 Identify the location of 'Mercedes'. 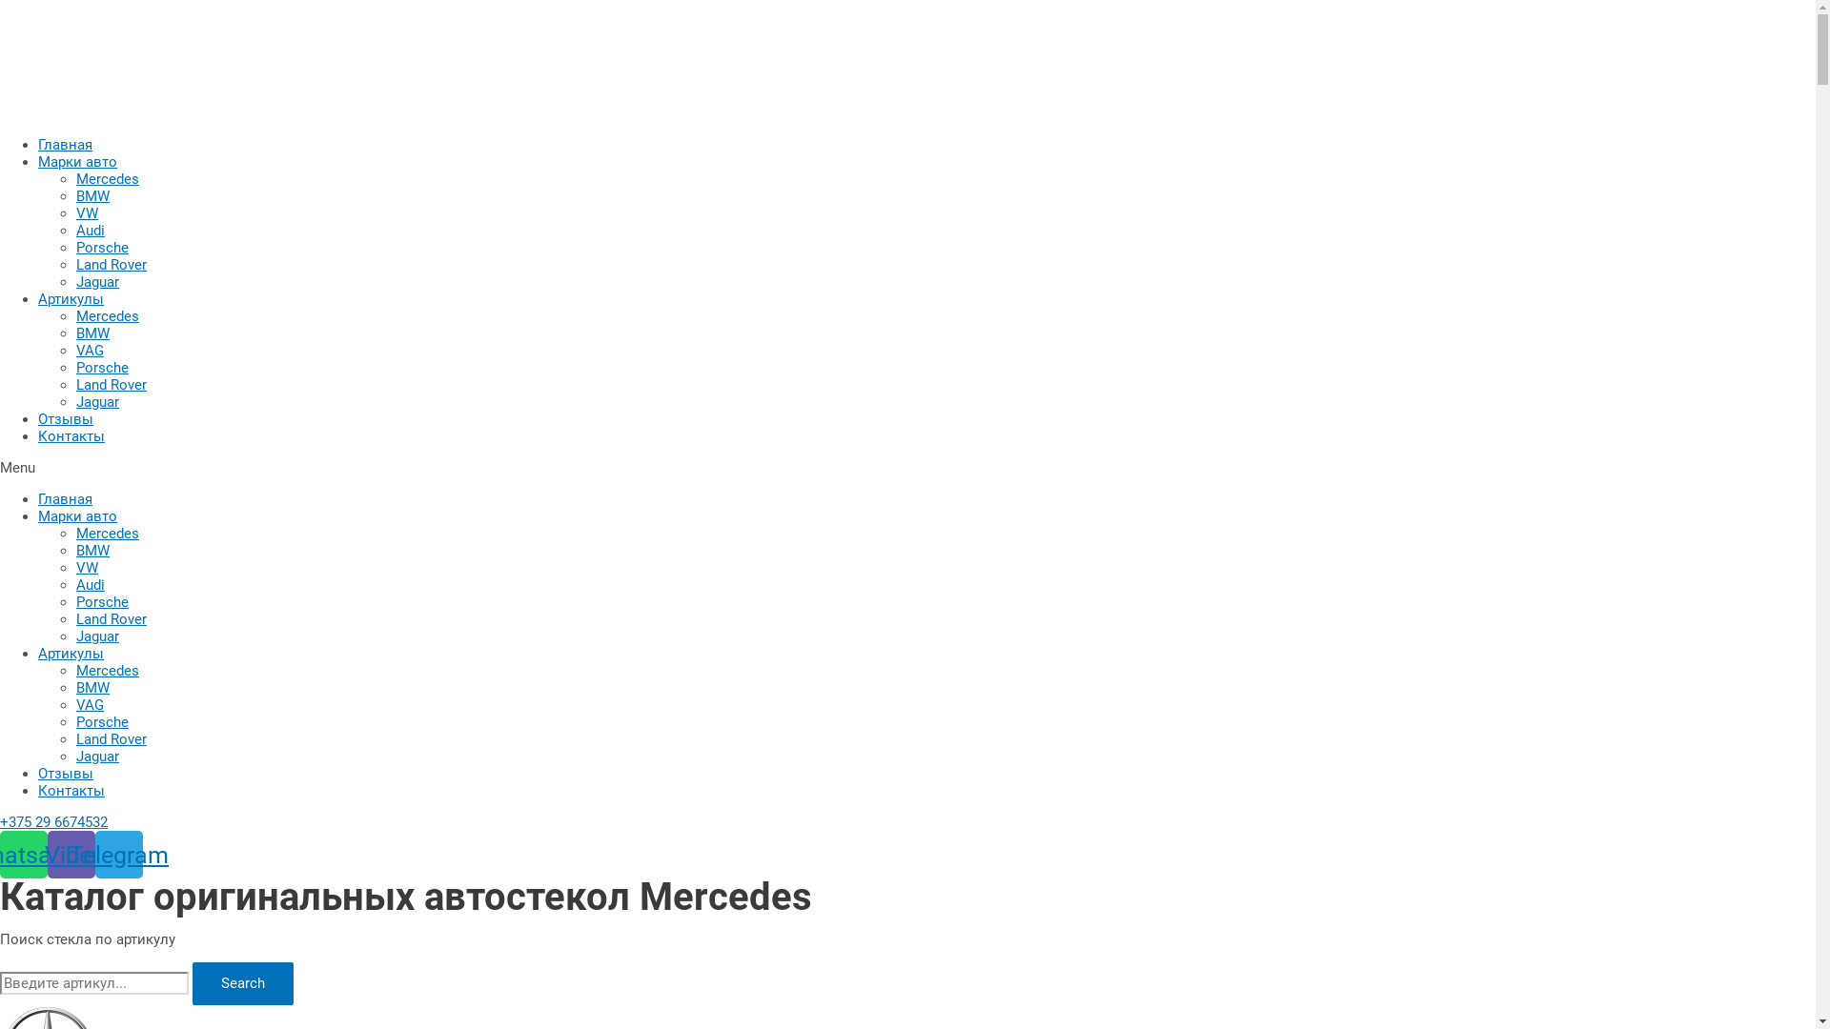
(107, 670).